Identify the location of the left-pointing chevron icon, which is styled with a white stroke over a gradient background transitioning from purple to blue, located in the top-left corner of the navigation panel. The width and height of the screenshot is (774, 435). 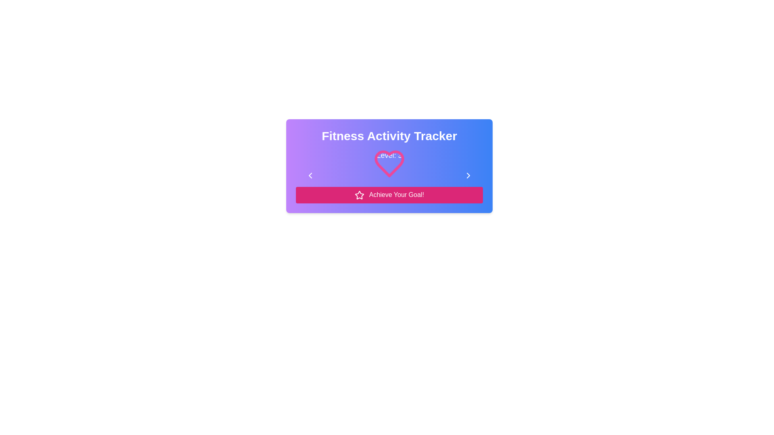
(310, 175).